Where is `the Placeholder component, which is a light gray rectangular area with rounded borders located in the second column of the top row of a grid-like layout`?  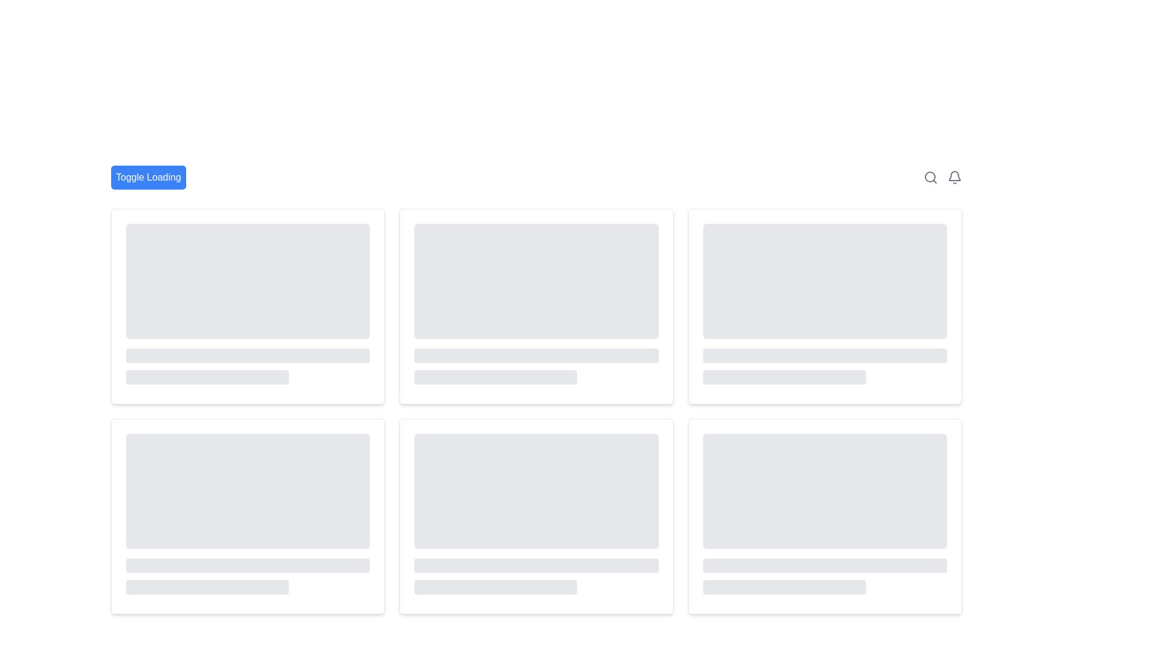 the Placeholder component, which is a light gray rectangular area with rounded borders located in the second column of the top row of a grid-like layout is located at coordinates (824, 303).